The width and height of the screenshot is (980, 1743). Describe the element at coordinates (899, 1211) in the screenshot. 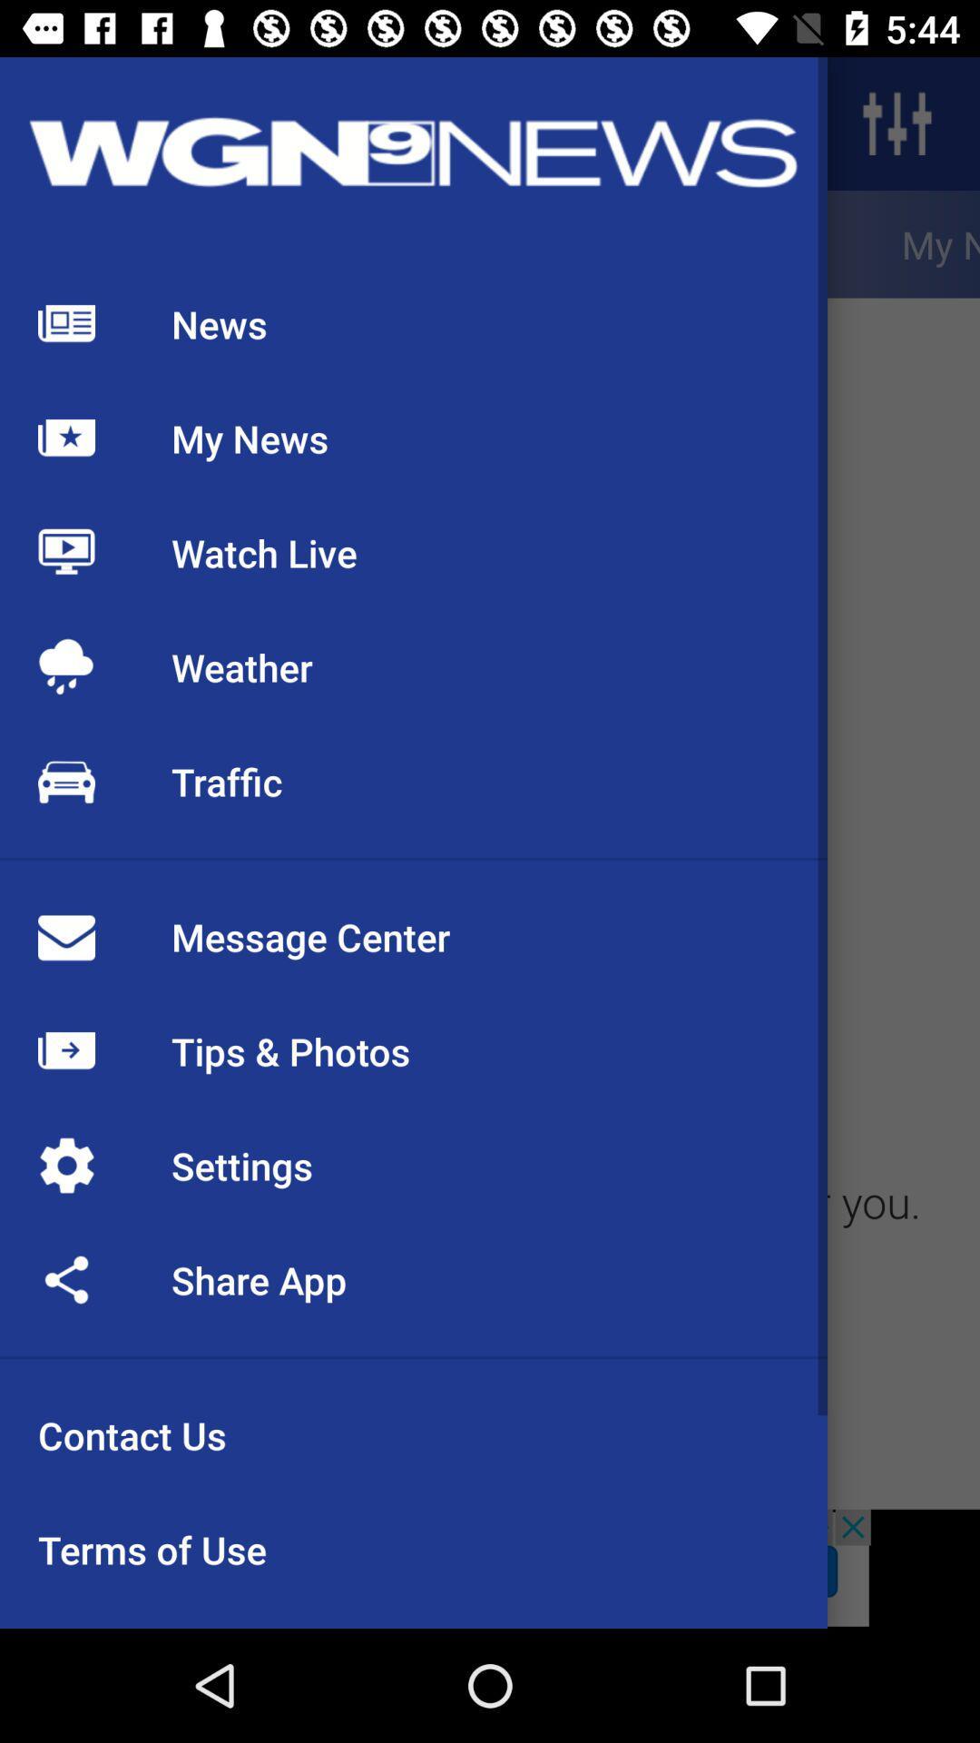

I see `you` at that location.